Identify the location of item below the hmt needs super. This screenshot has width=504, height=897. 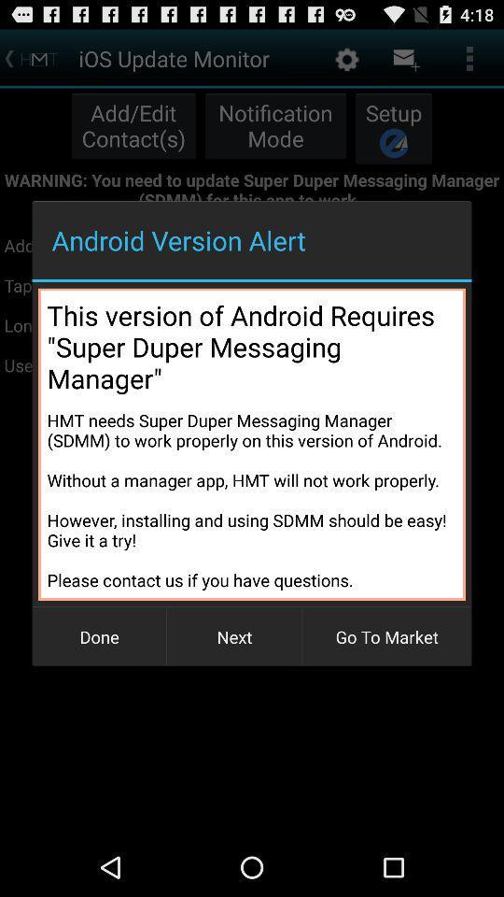
(99, 636).